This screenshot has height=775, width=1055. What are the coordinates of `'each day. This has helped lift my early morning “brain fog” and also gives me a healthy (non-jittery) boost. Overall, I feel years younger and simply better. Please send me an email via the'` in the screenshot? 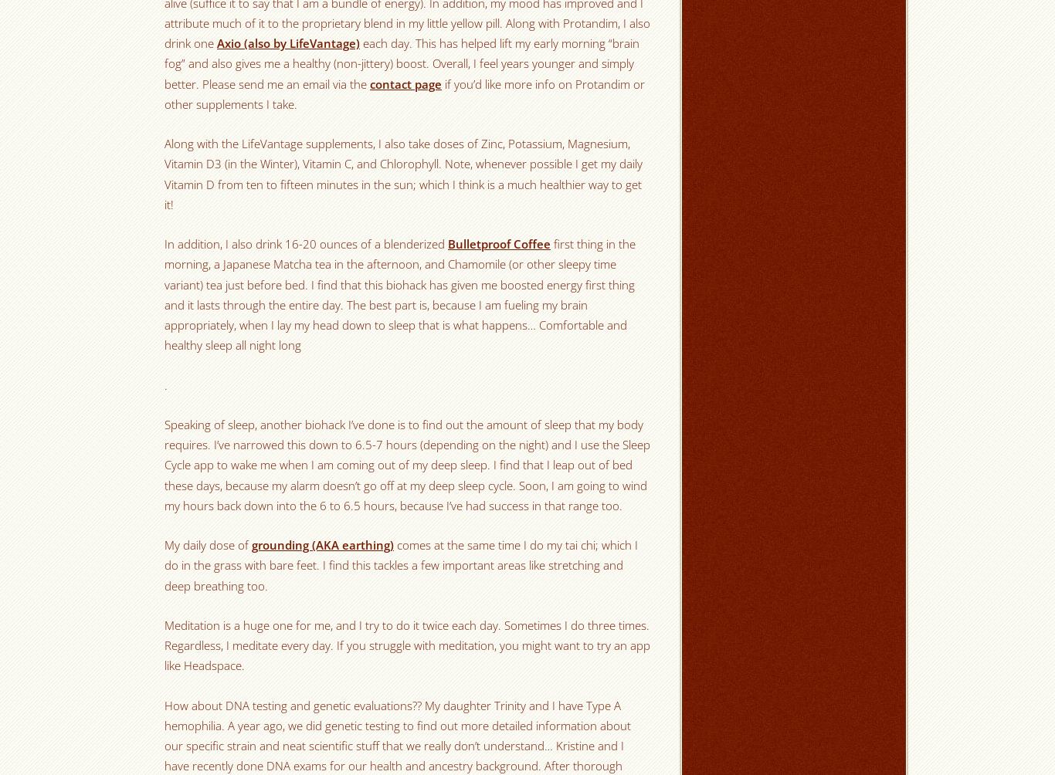 It's located at (402, 63).